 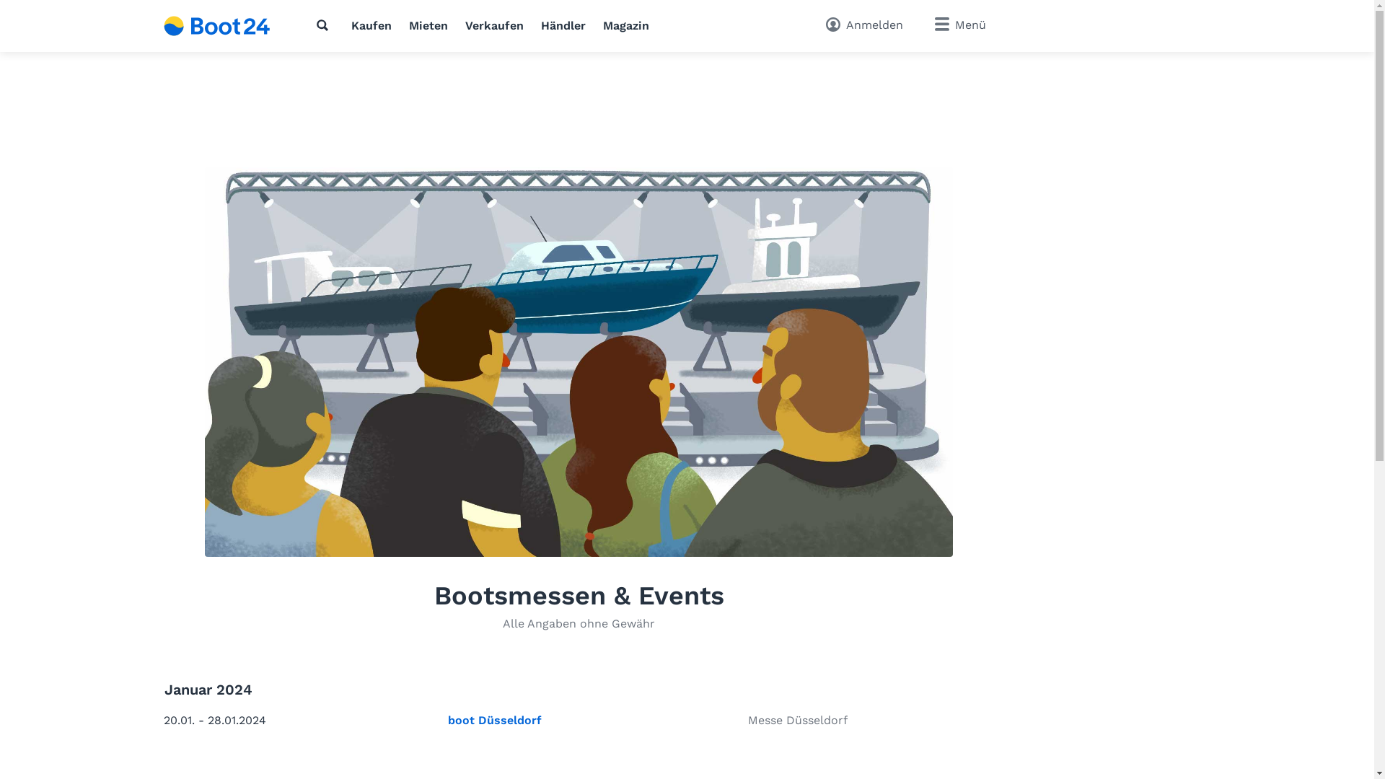 I want to click on 'Magazin', so click(x=602, y=25).